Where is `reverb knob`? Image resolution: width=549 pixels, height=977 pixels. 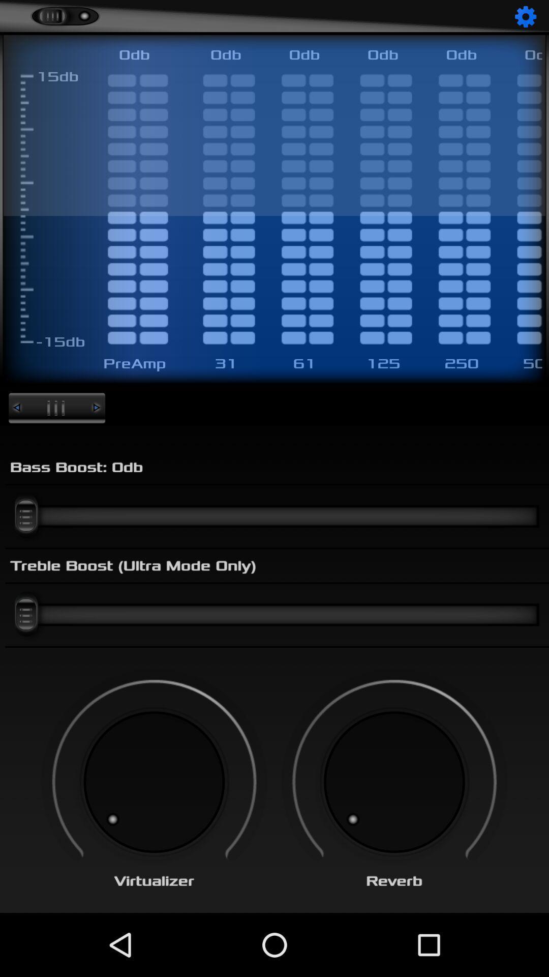
reverb knob is located at coordinates (393, 782).